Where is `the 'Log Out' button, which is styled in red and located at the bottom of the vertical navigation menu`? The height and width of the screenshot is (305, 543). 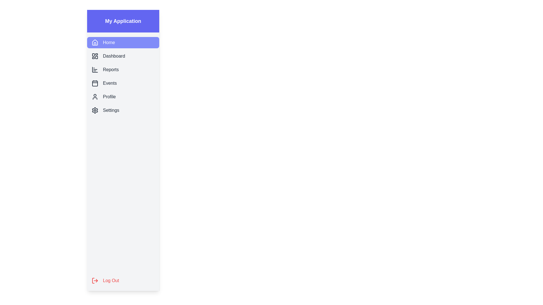
the 'Log Out' button, which is styled in red and located at the bottom of the vertical navigation menu is located at coordinates (123, 281).